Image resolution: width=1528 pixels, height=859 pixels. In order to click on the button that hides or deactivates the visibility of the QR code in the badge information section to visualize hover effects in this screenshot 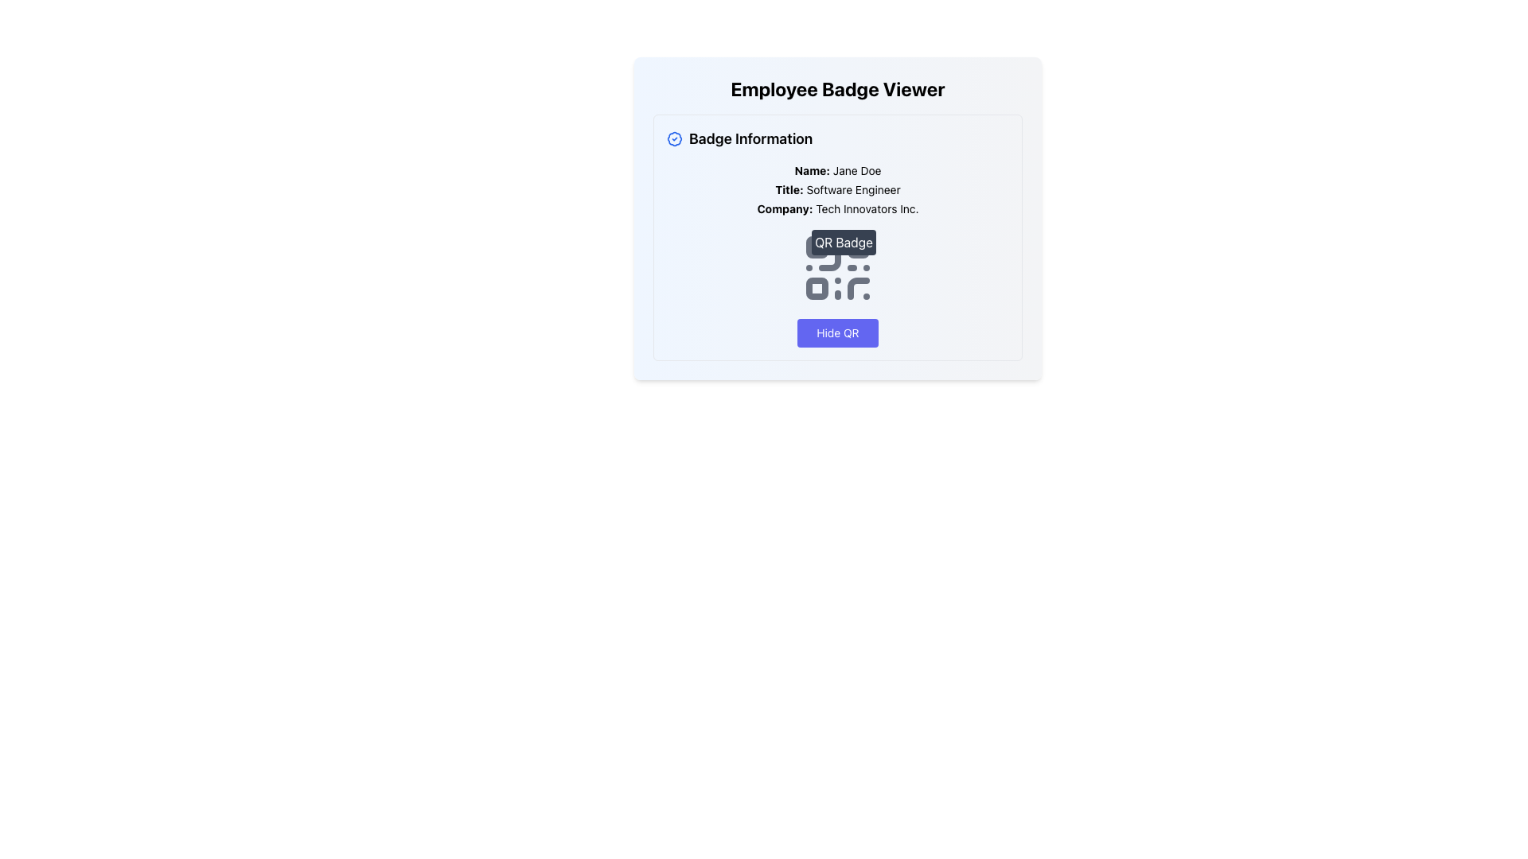, I will do `click(836, 332)`.